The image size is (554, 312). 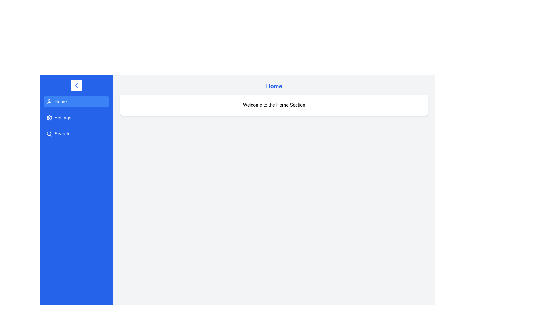 What do you see at coordinates (274, 86) in the screenshot?
I see `the header text to inspect or interact with it` at bounding box center [274, 86].